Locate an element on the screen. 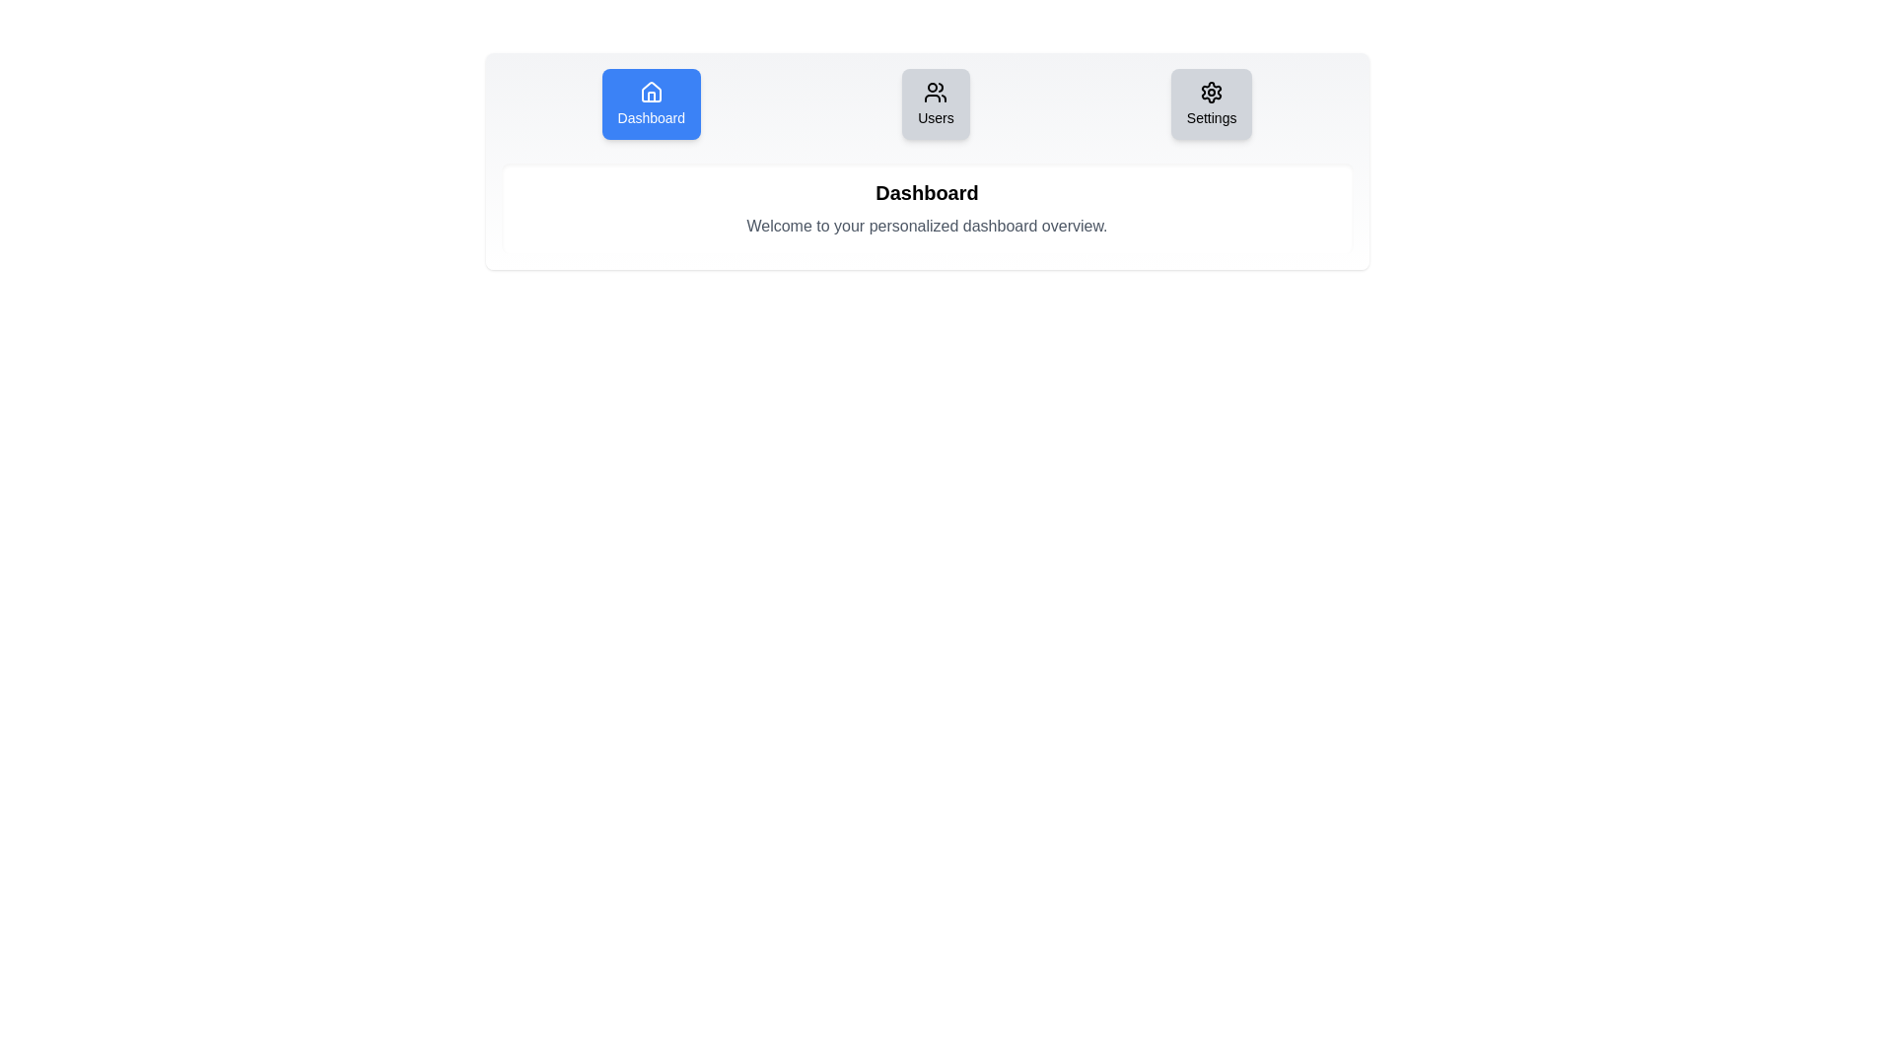 Image resolution: width=1893 pixels, height=1064 pixels. the Settings tab by clicking on it is located at coordinates (1211, 103).